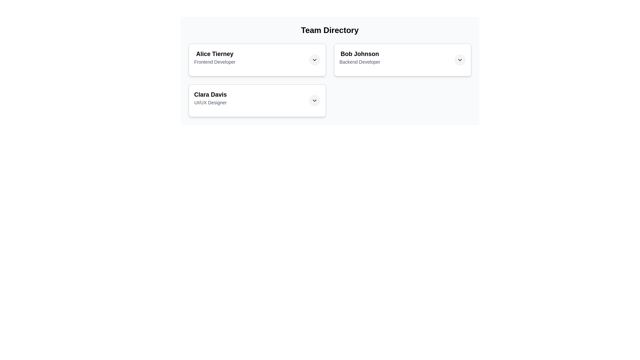 This screenshot has height=360, width=640. What do you see at coordinates (402, 60) in the screenshot?
I see `the Profile Card representing a team member, which displays their name and role, located in the rightmost column of the grid layout` at bounding box center [402, 60].